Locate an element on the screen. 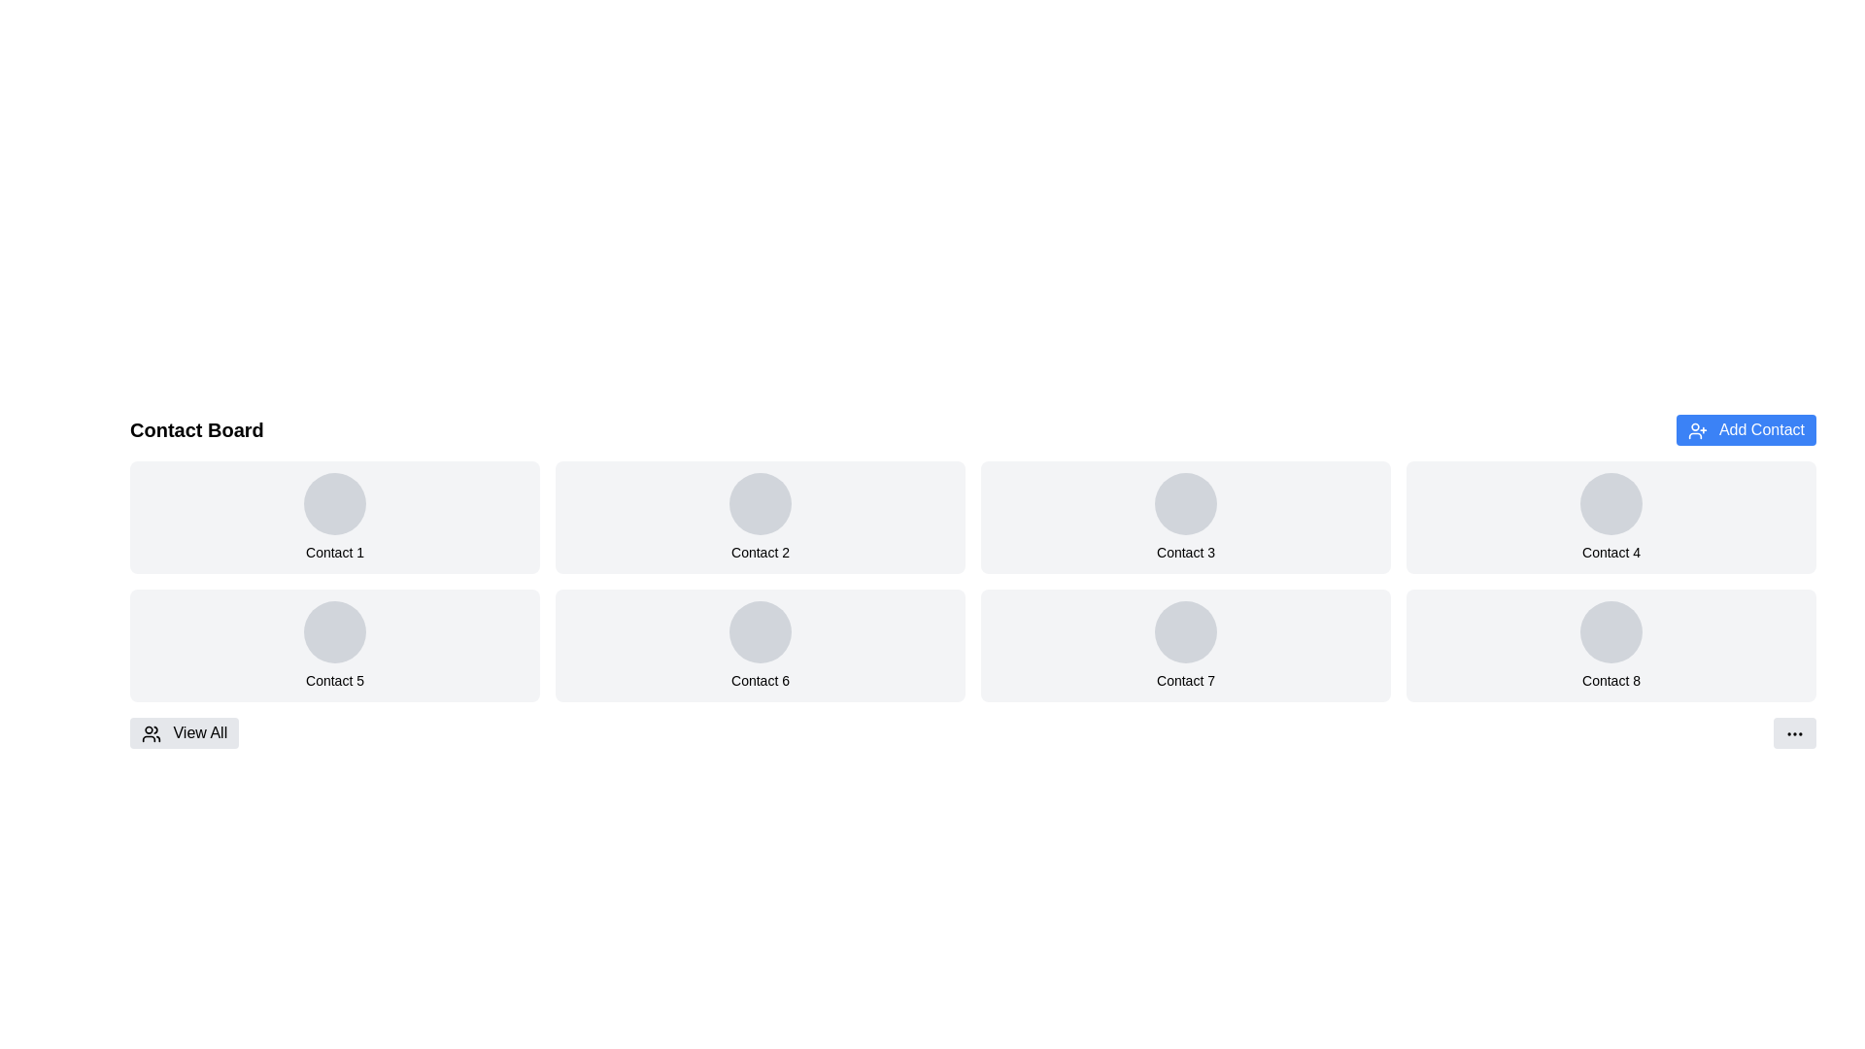 The height and width of the screenshot is (1049, 1865). text content of the label located beneath the circular area in the first row of the contact grid, fourth column from the left is located at coordinates (1611, 553).